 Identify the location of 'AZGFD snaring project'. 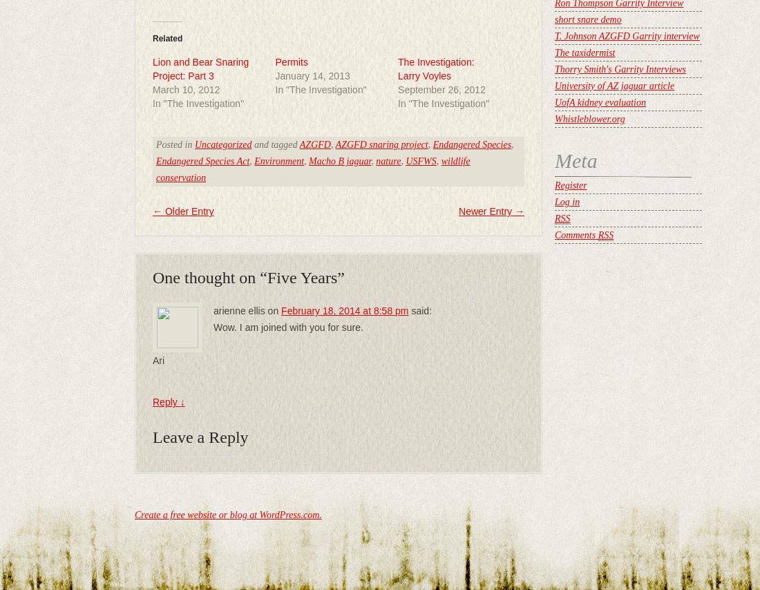
(380, 144).